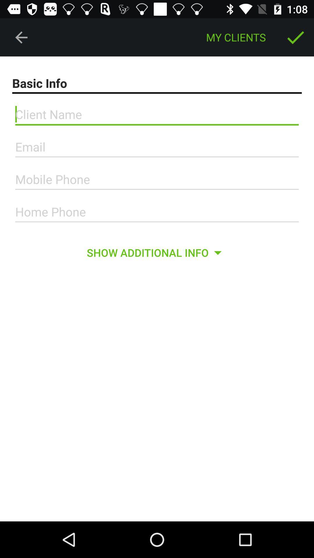  I want to click on text area for home phone number, so click(157, 212).